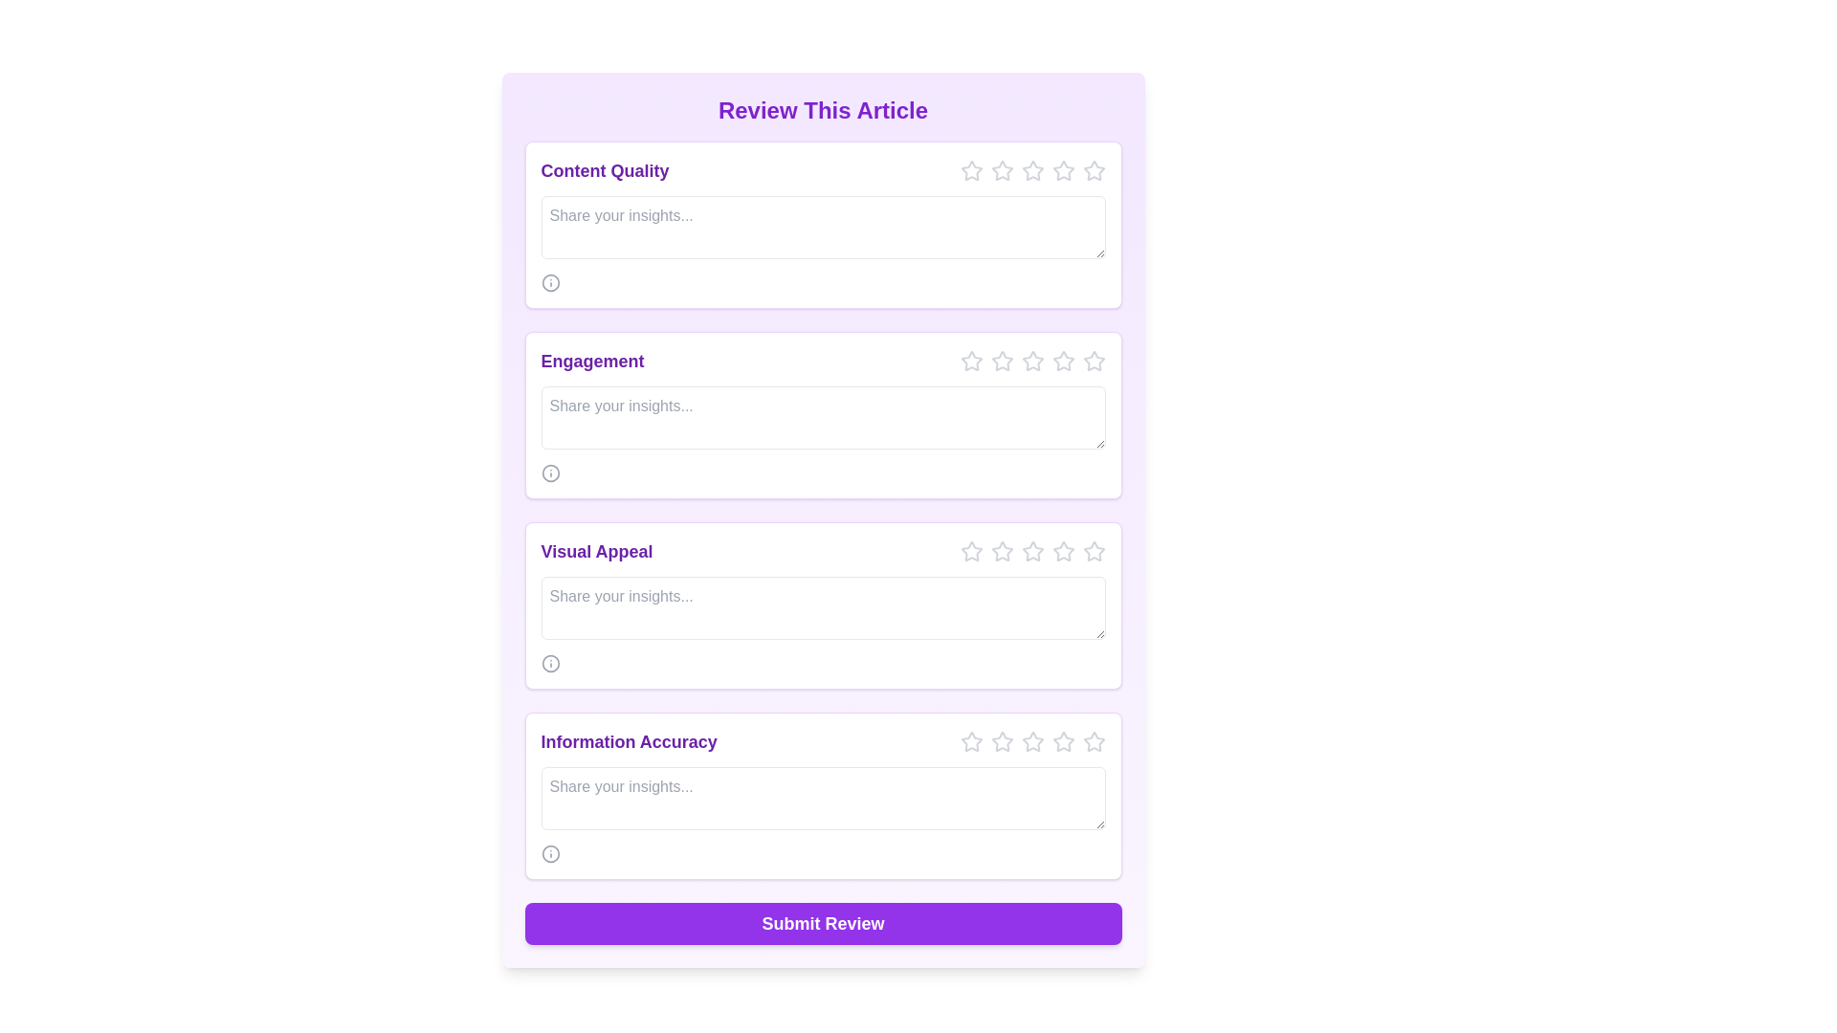  Describe the element at coordinates (1031, 552) in the screenshot. I see `the third star icon in the rating row` at that location.